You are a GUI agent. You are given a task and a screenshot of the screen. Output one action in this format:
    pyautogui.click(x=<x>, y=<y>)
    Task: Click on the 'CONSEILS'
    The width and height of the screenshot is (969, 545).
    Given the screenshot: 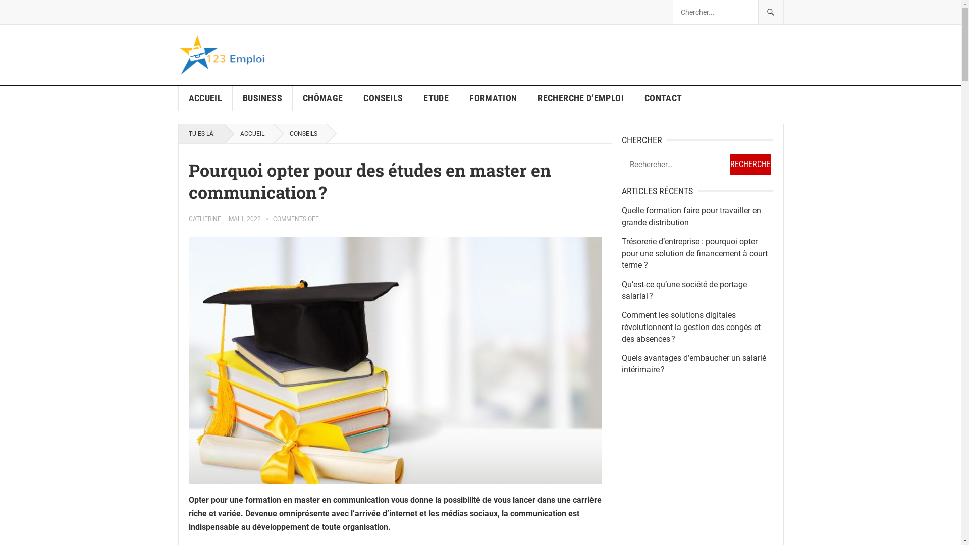 What is the action you would take?
    pyautogui.click(x=299, y=133)
    